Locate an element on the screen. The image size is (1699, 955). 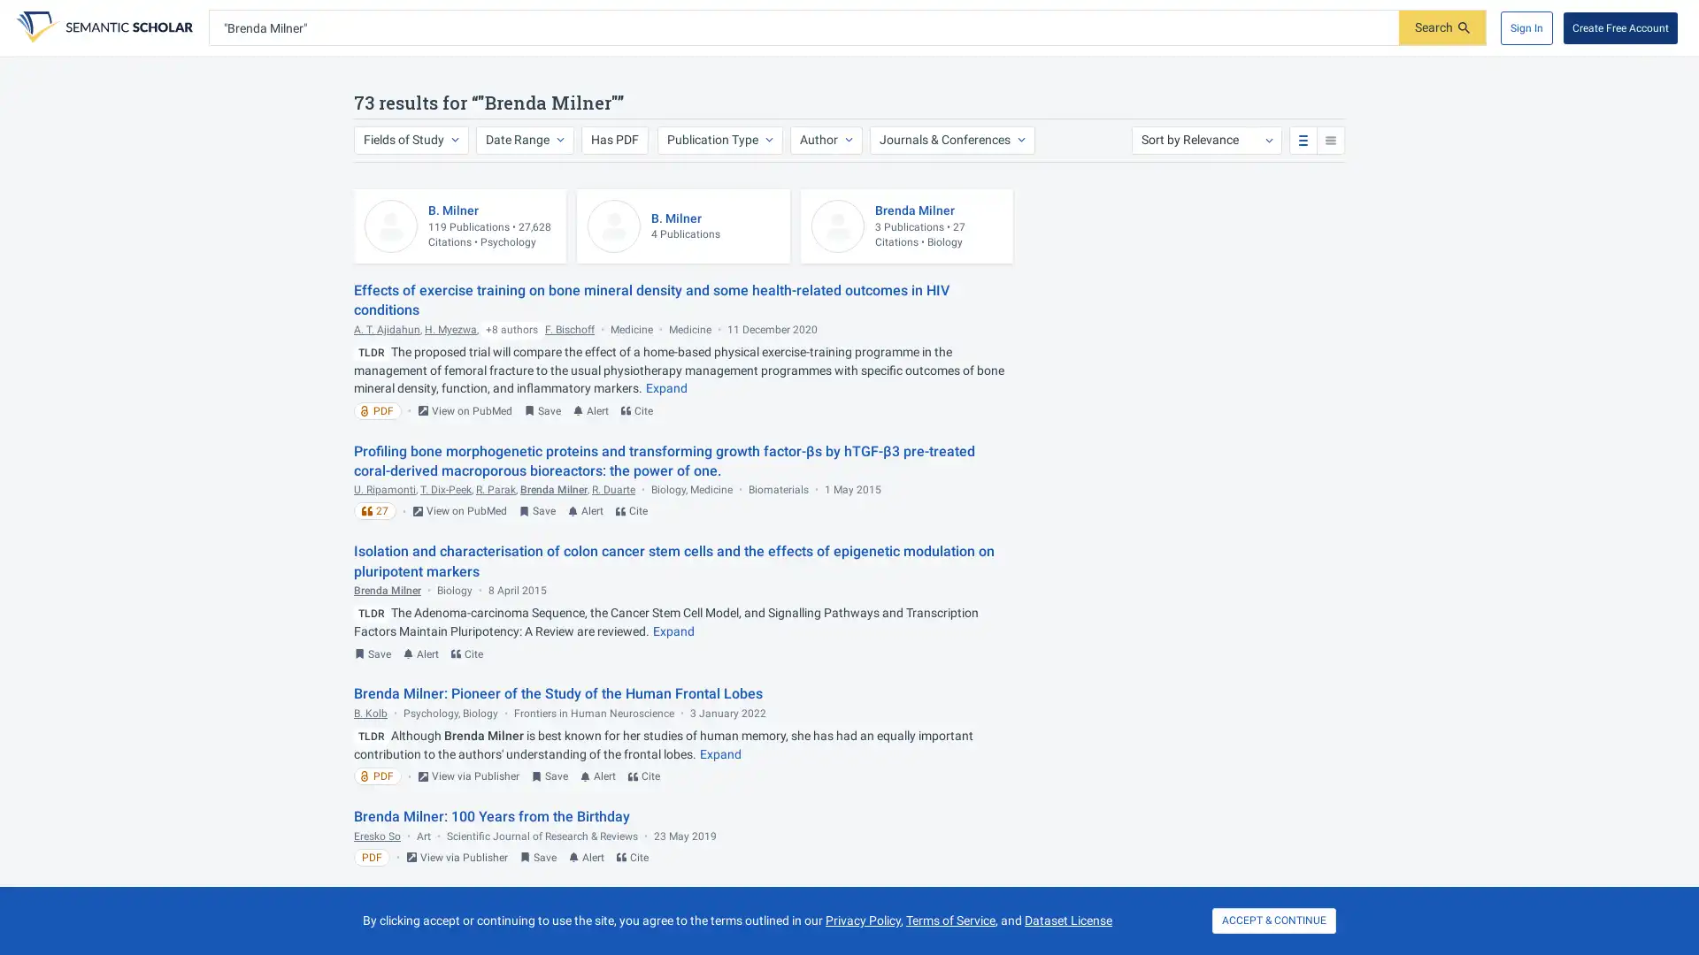
ACCEPT & CONTINUE is located at coordinates (1274, 920).